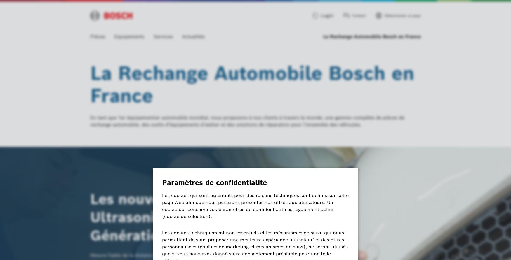 The width and height of the screenshot is (511, 260). I want to click on 'Login', so click(321, 15).